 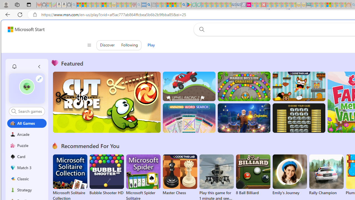 What do you see at coordinates (244, 86) in the screenshot?
I see `'Marble Mission : Challenge'` at bounding box center [244, 86].